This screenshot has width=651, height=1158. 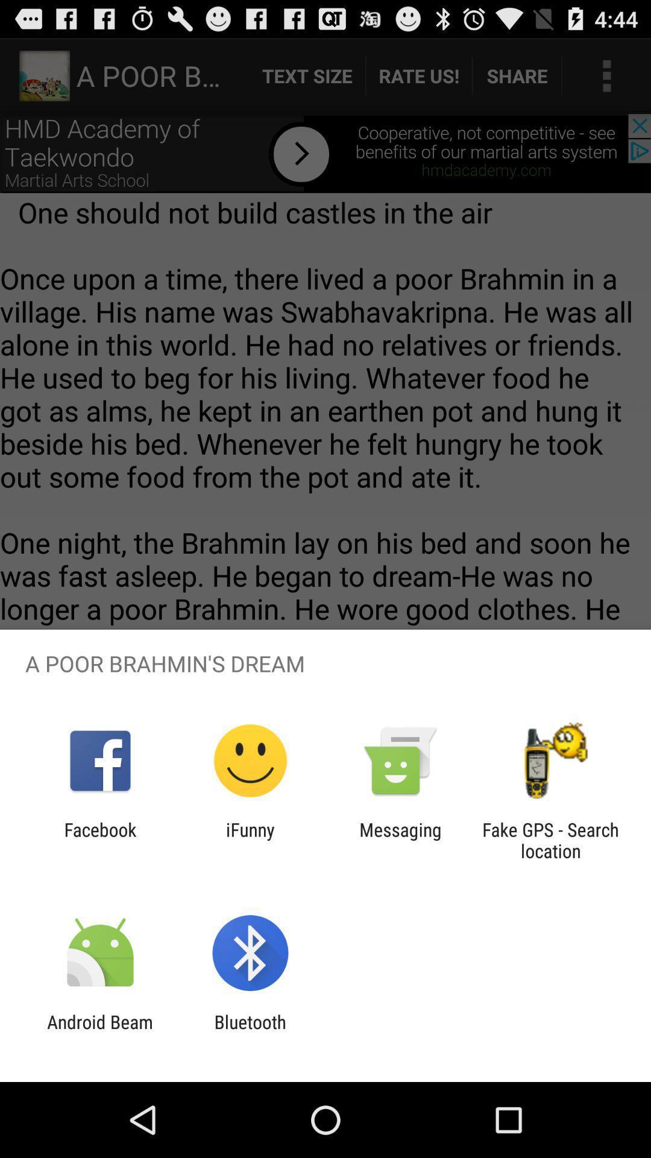 What do you see at coordinates (99, 840) in the screenshot?
I see `the app next to the ifunny item` at bounding box center [99, 840].